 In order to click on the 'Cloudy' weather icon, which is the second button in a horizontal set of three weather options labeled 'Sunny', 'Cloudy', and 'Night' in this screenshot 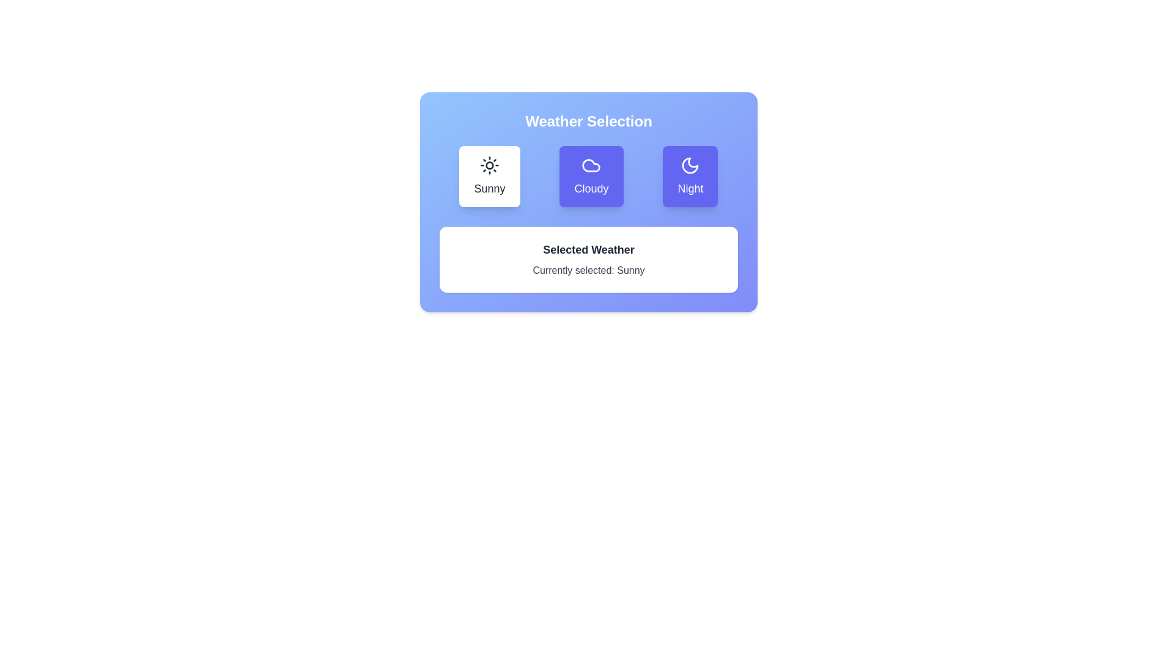, I will do `click(591, 165)`.